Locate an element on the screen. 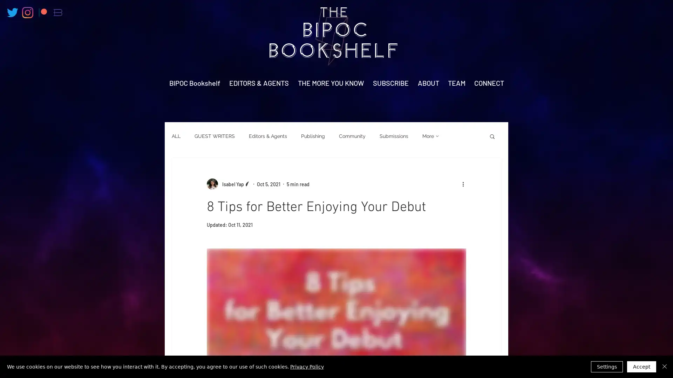  Settings is located at coordinates (606, 366).